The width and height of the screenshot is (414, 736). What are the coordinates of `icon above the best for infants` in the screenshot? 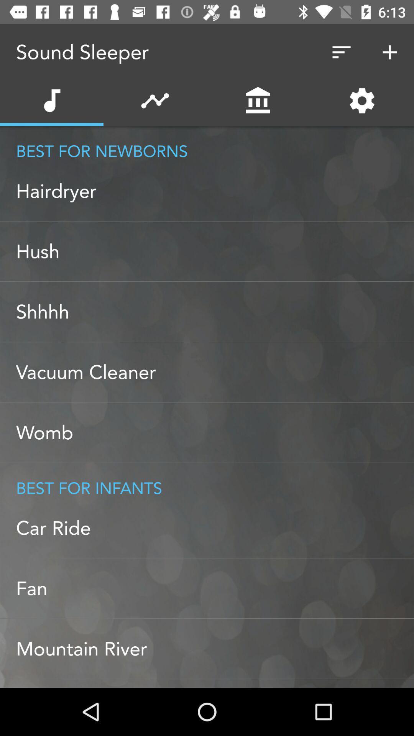 It's located at (215, 432).